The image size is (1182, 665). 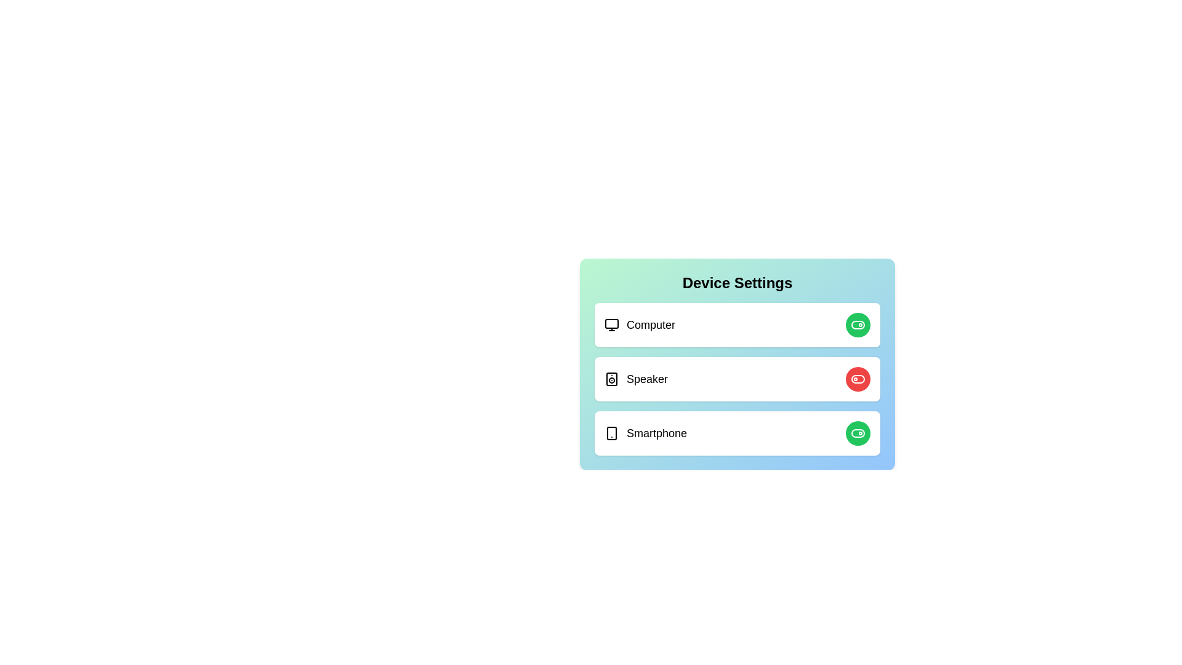 What do you see at coordinates (857, 379) in the screenshot?
I see `the toggle button for the Speaker device to toggle its setting` at bounding box center [857, 379].